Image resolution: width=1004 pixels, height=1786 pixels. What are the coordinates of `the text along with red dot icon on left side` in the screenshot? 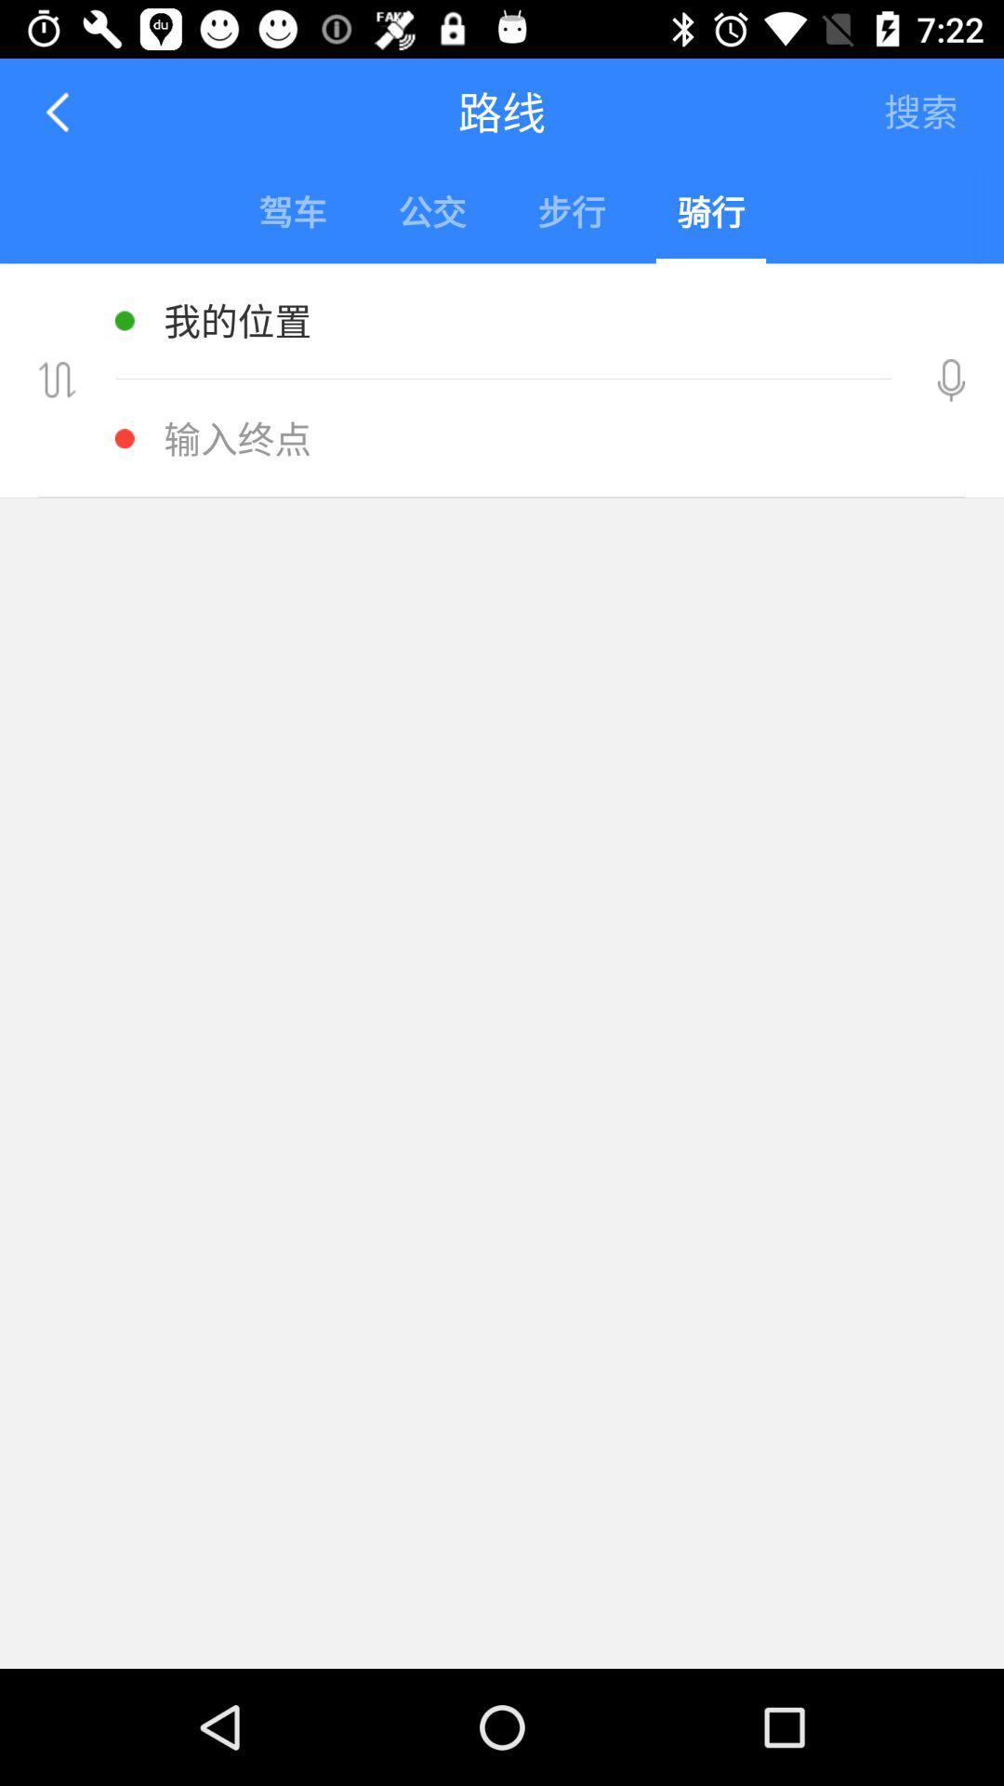 It's located at (507, 437).